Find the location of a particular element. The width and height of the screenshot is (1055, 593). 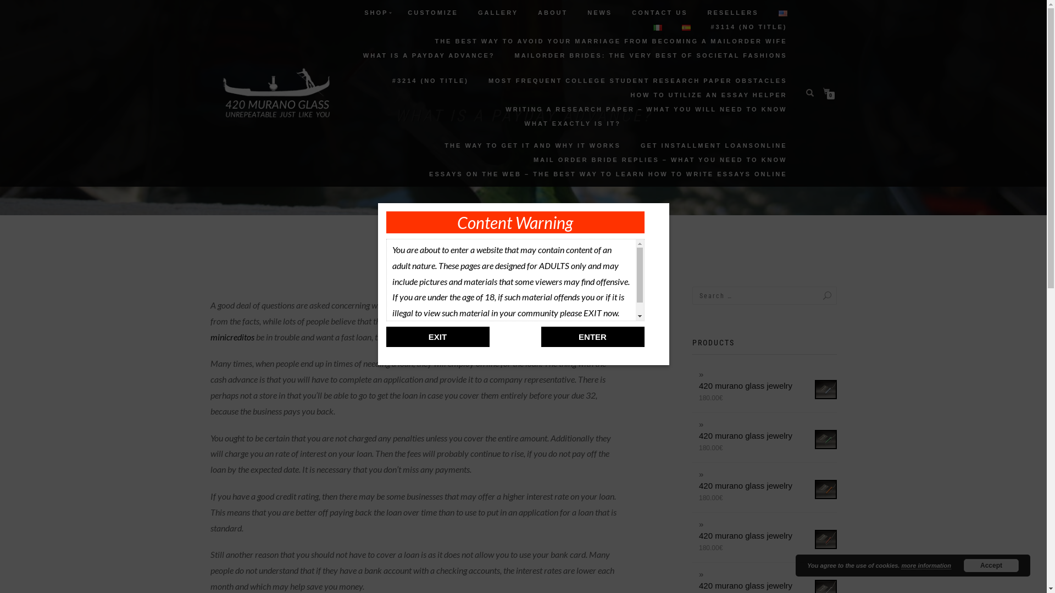

'420 murano glass jewelry' is located at coordinates (767, 535).